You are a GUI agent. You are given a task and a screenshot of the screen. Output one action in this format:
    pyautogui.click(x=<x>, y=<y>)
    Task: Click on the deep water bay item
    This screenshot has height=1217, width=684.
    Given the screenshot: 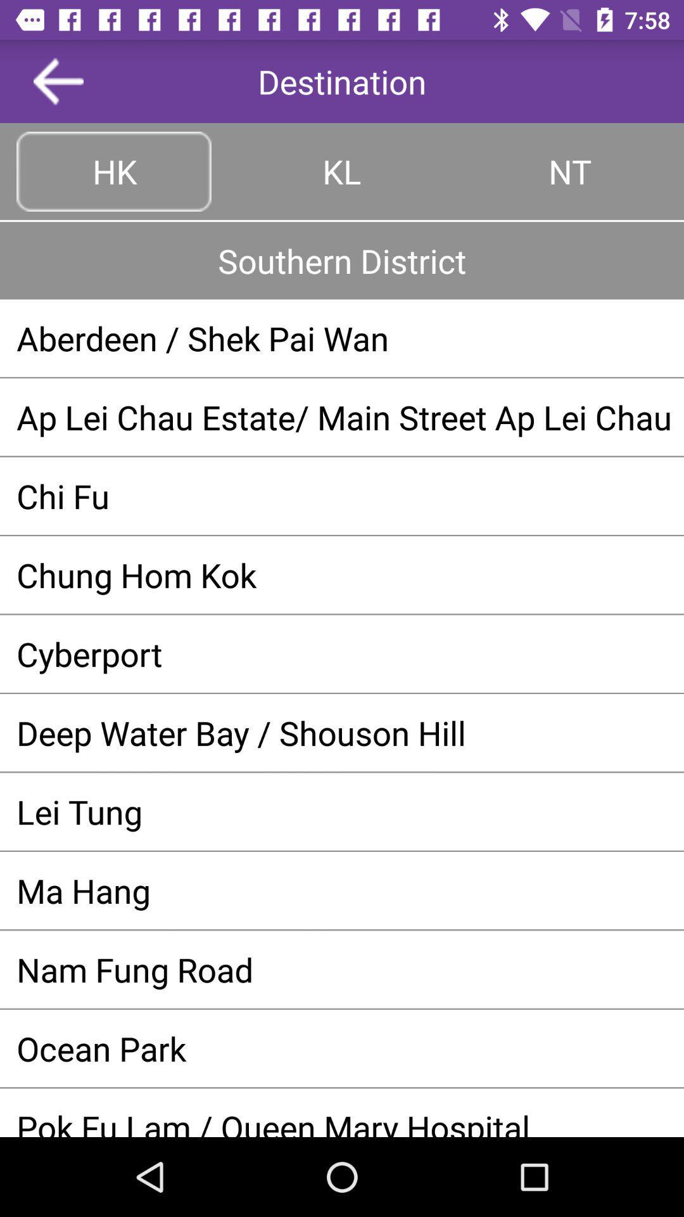 What is the action you would take?
    pyautogui.click(x=342, y=733)
    